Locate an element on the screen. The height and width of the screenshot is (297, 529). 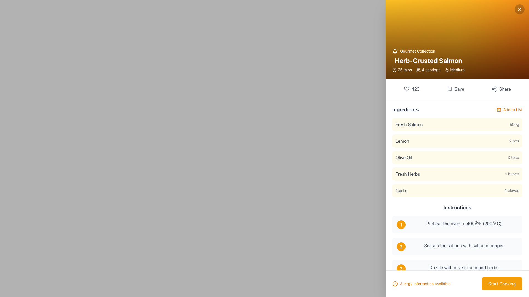
the decorative shopping bag icon located to the left of the 'Add to List' text in the Ingredients section is located at coordinates (499, 109).